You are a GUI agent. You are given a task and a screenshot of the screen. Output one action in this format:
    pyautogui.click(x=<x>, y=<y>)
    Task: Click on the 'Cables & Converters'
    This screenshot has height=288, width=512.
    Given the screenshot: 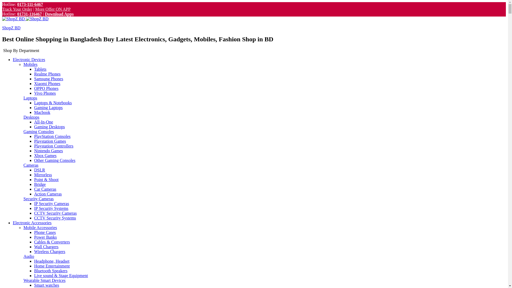 What is the action you would take?
    pyautogui.click(x=52, y=242)
    